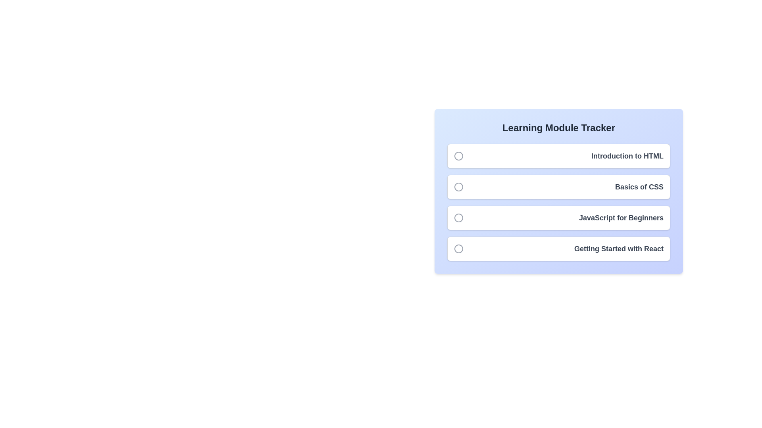 Image resolution: width=762 pixels, height=428 pixels. What do you see at coordinates (459, 248) in the screenshot?
I see `the filled SVG Circle icon that is part of the 'Getting Started with React' selection module` at bounding box center [459, 248].